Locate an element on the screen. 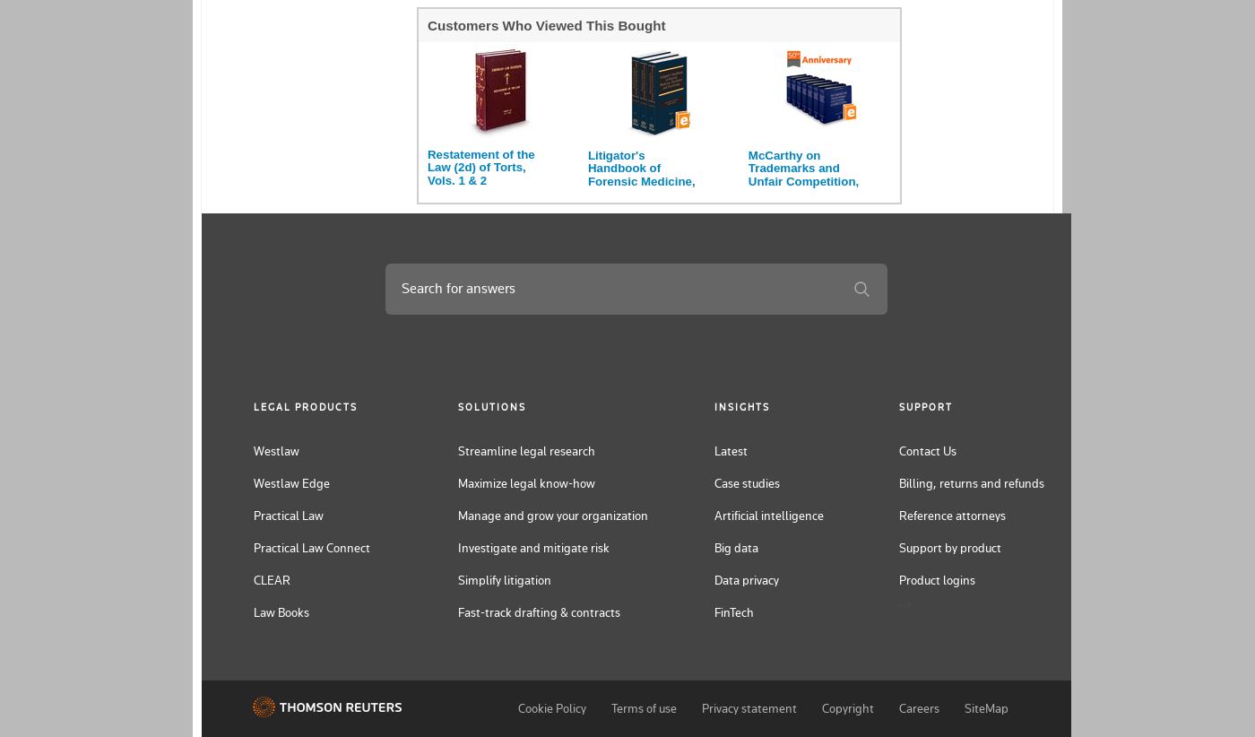  'CLEAR' is located at coordinates (253, 579).